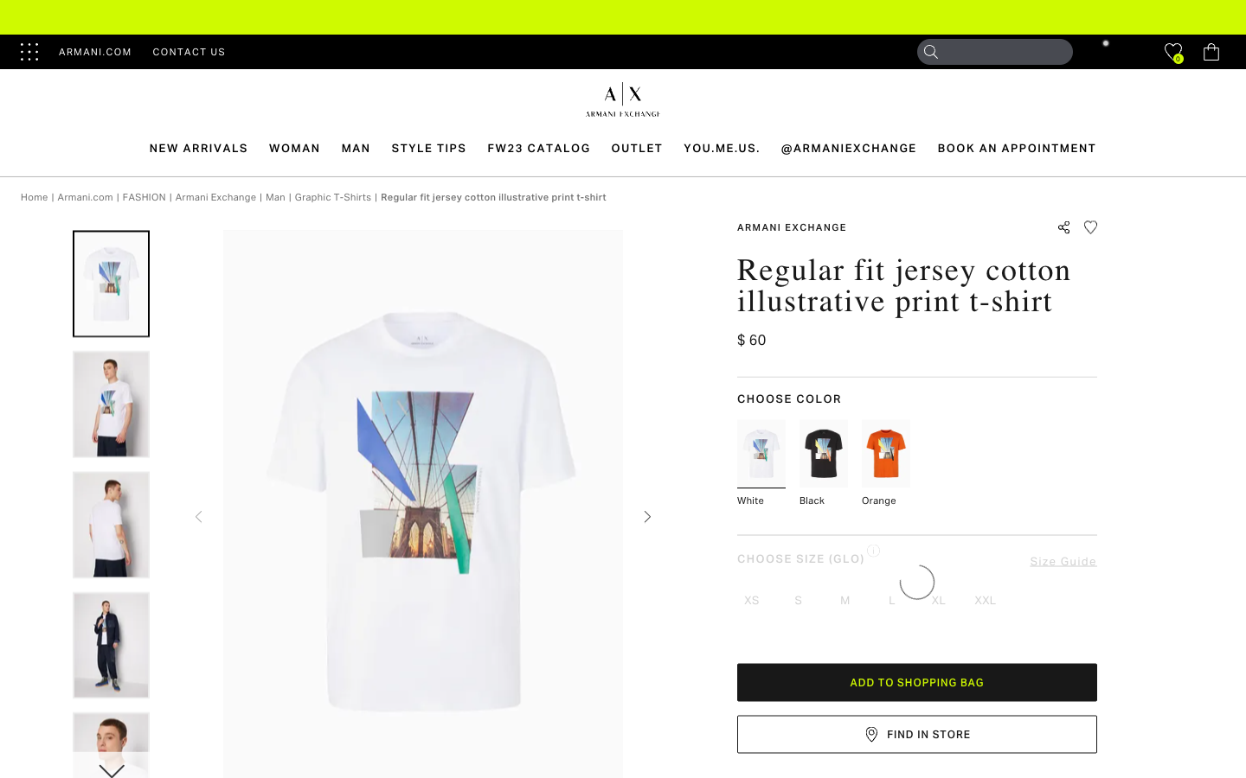 The height and width of the screenshot is (778, 1246). Describe the element at coordinates (332, 195) in the screenshot. I see `all graphic T-shirts by selecting the specific menu option` at that location.